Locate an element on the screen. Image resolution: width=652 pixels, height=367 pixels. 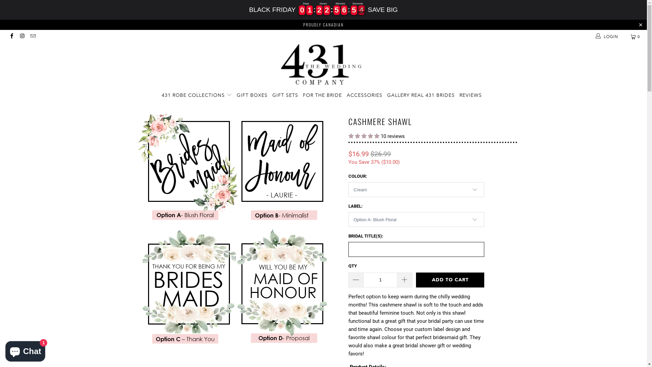
'431 ROBE COLLECTIONS' is located at coordinates (161, 95).